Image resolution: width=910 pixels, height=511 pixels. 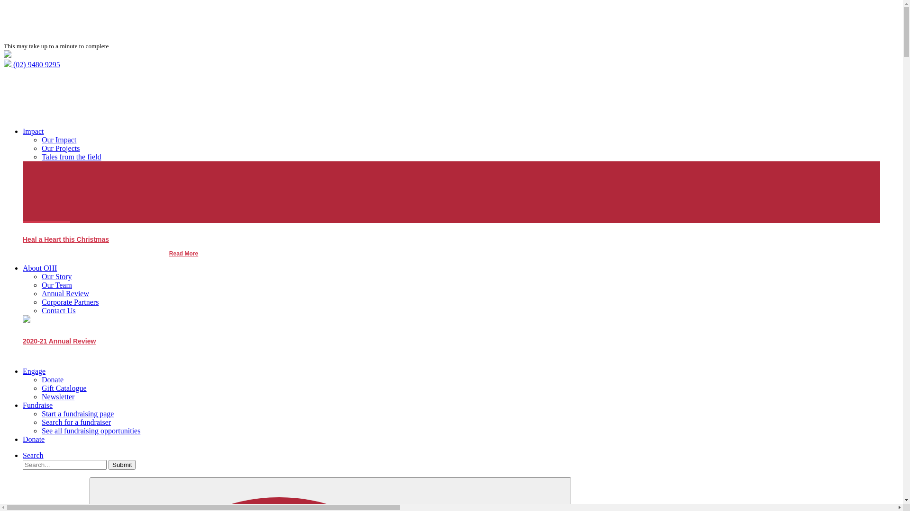 I want to click on 'See all fundraising opportunities', so click(x=91, y=431).